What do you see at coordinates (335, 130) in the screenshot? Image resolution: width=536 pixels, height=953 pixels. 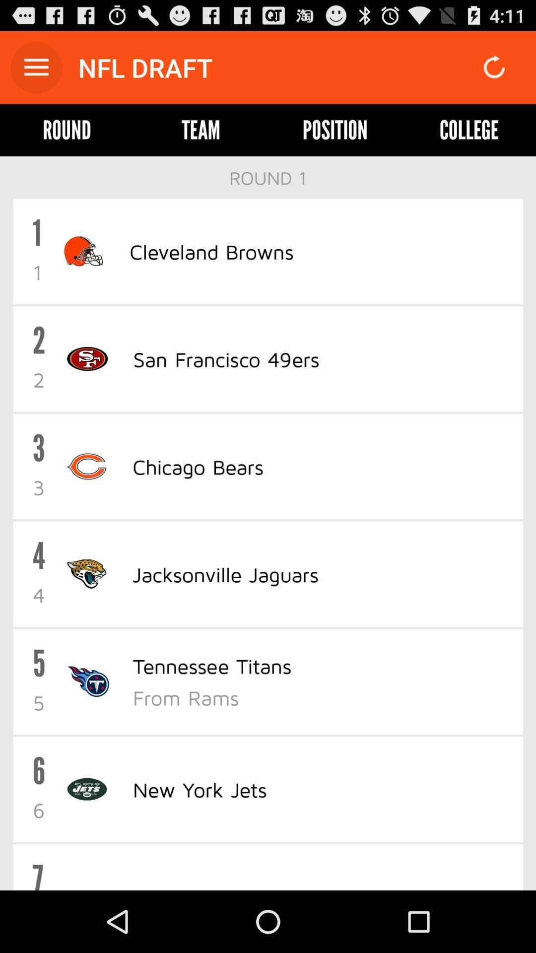 I see `the item next to college icon` at bounding box center [335, 130].